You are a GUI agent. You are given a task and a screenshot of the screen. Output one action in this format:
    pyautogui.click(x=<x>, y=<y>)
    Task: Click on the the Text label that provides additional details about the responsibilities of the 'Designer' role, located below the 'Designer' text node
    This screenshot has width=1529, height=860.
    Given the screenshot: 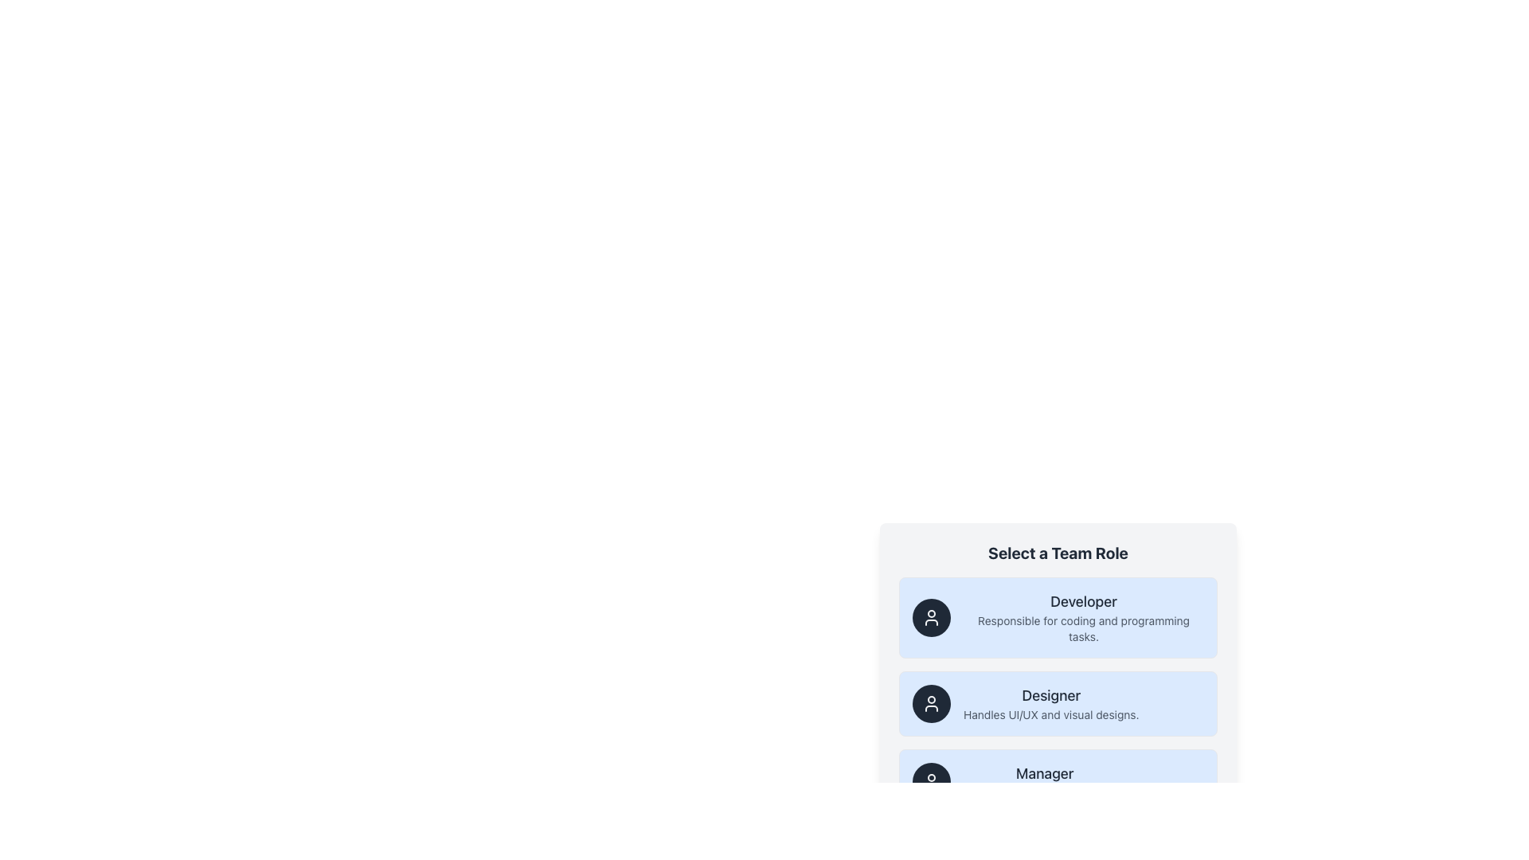 What is the action you would take?
    pyautogui.click(x=1051, y=714)
    